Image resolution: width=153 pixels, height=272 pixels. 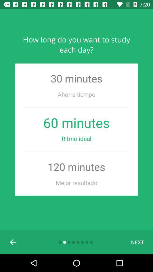 What do you see at coordinates (13, 242) in the screenshot?
I see `item below the mejor resultado` at bounding box center [13, 242].